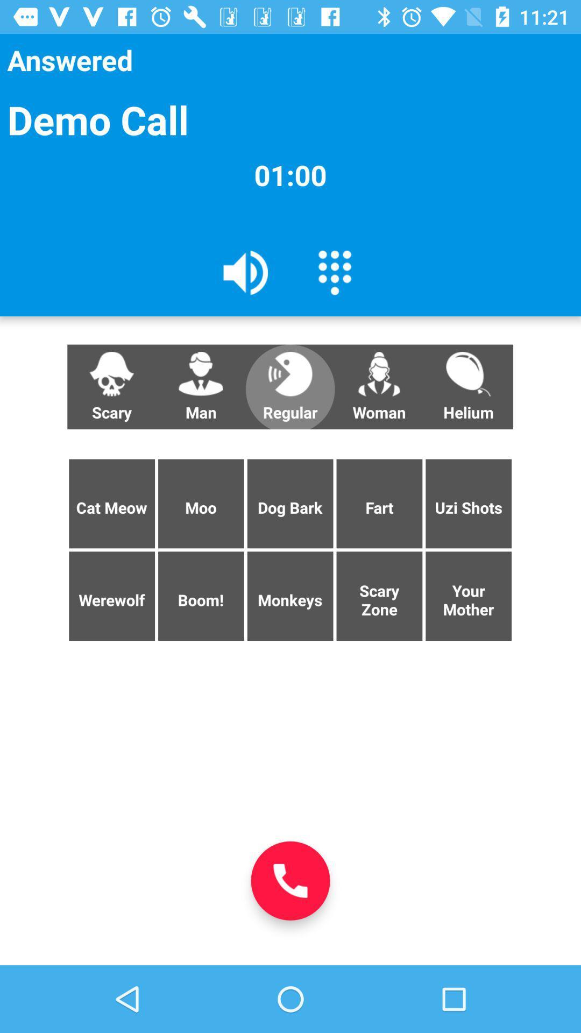  What do you see at coordinates (290, 881) in the screenshot?
I see `the app below monkeys app` at bounding box center [290, 881].